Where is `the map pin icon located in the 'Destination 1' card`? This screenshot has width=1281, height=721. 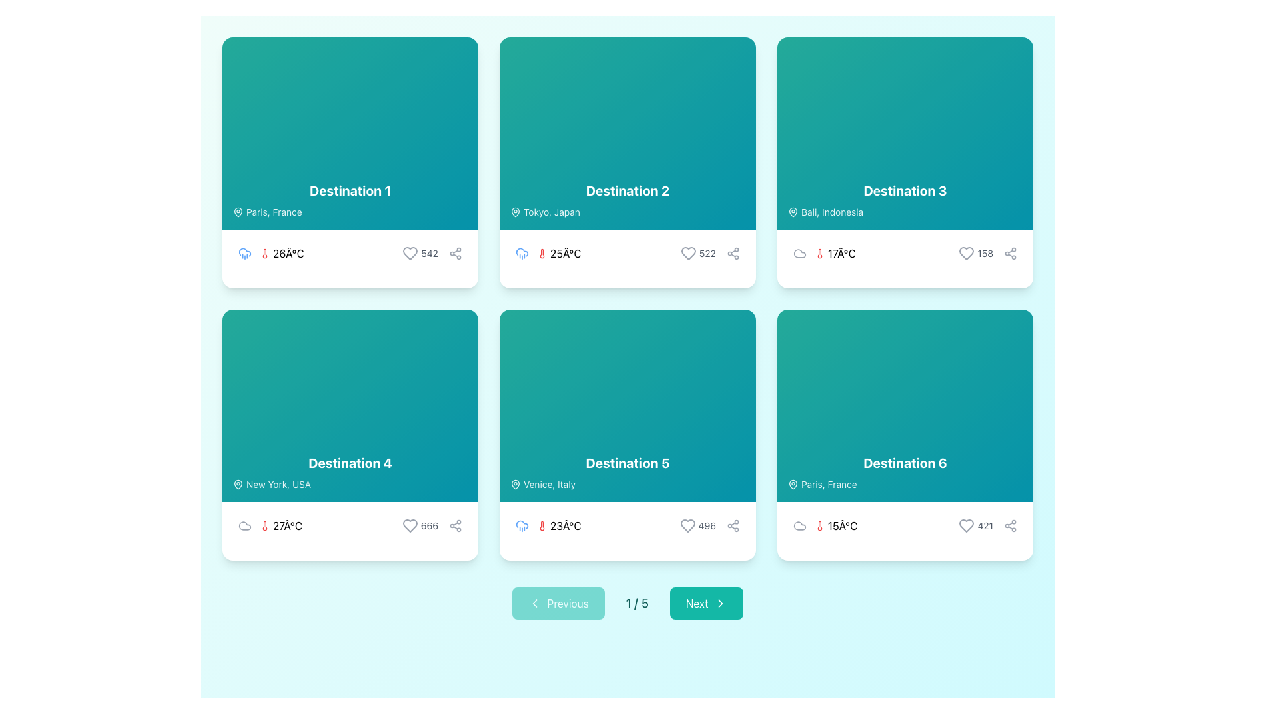
the map pin icon located in the 'Destination 1' card is located at coordinates (238, 210).